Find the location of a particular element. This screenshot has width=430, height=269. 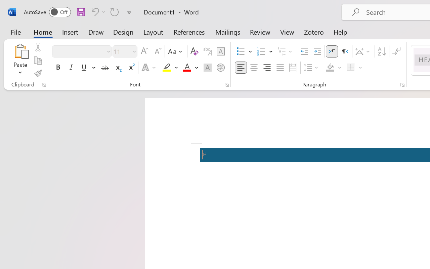

'Shading No Color' is located at coordinates (330, 68).